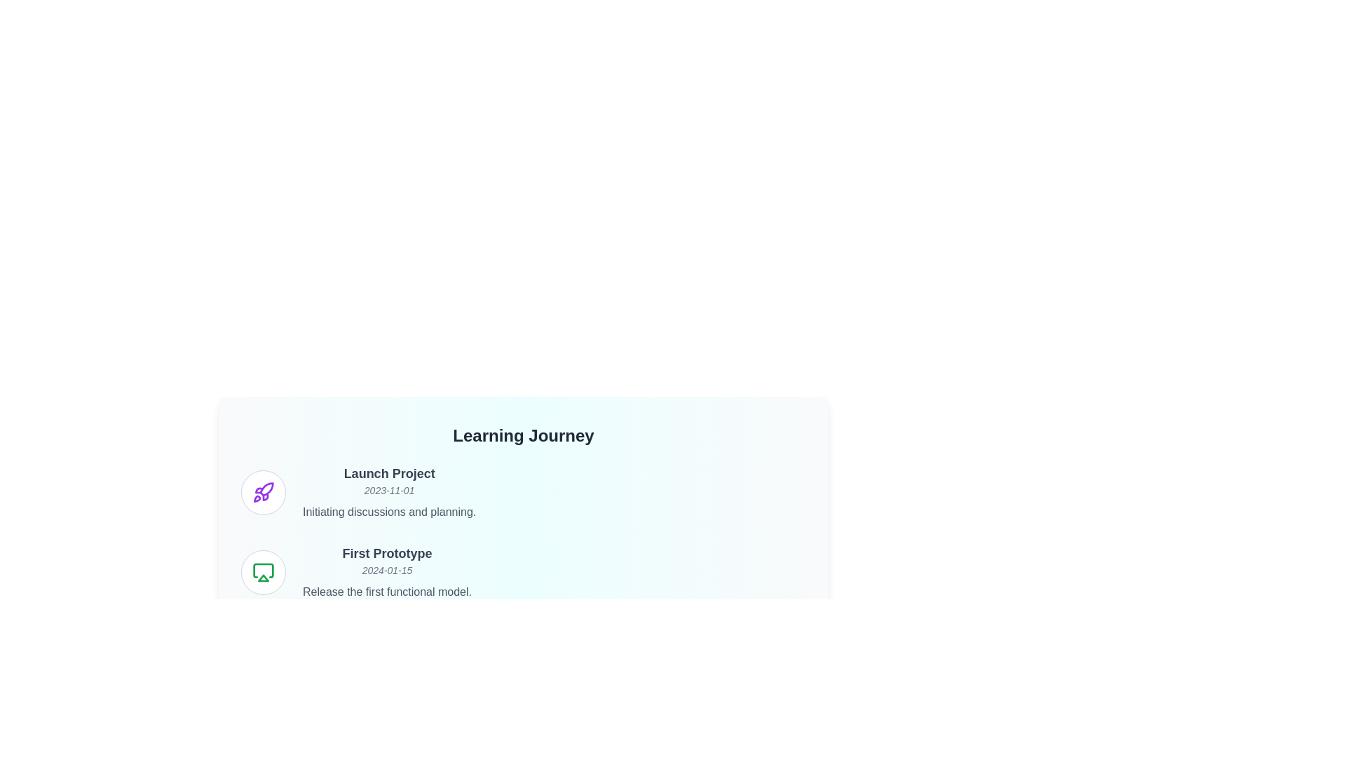 The height and width of the screenshot is (757, 1346). What do you see at coordinates (387, 570) in the screenshot?
I see `the date indicator text label located below 'First Prototype' and above 'Release the first functional model.'` at bounding box center [387, 570].